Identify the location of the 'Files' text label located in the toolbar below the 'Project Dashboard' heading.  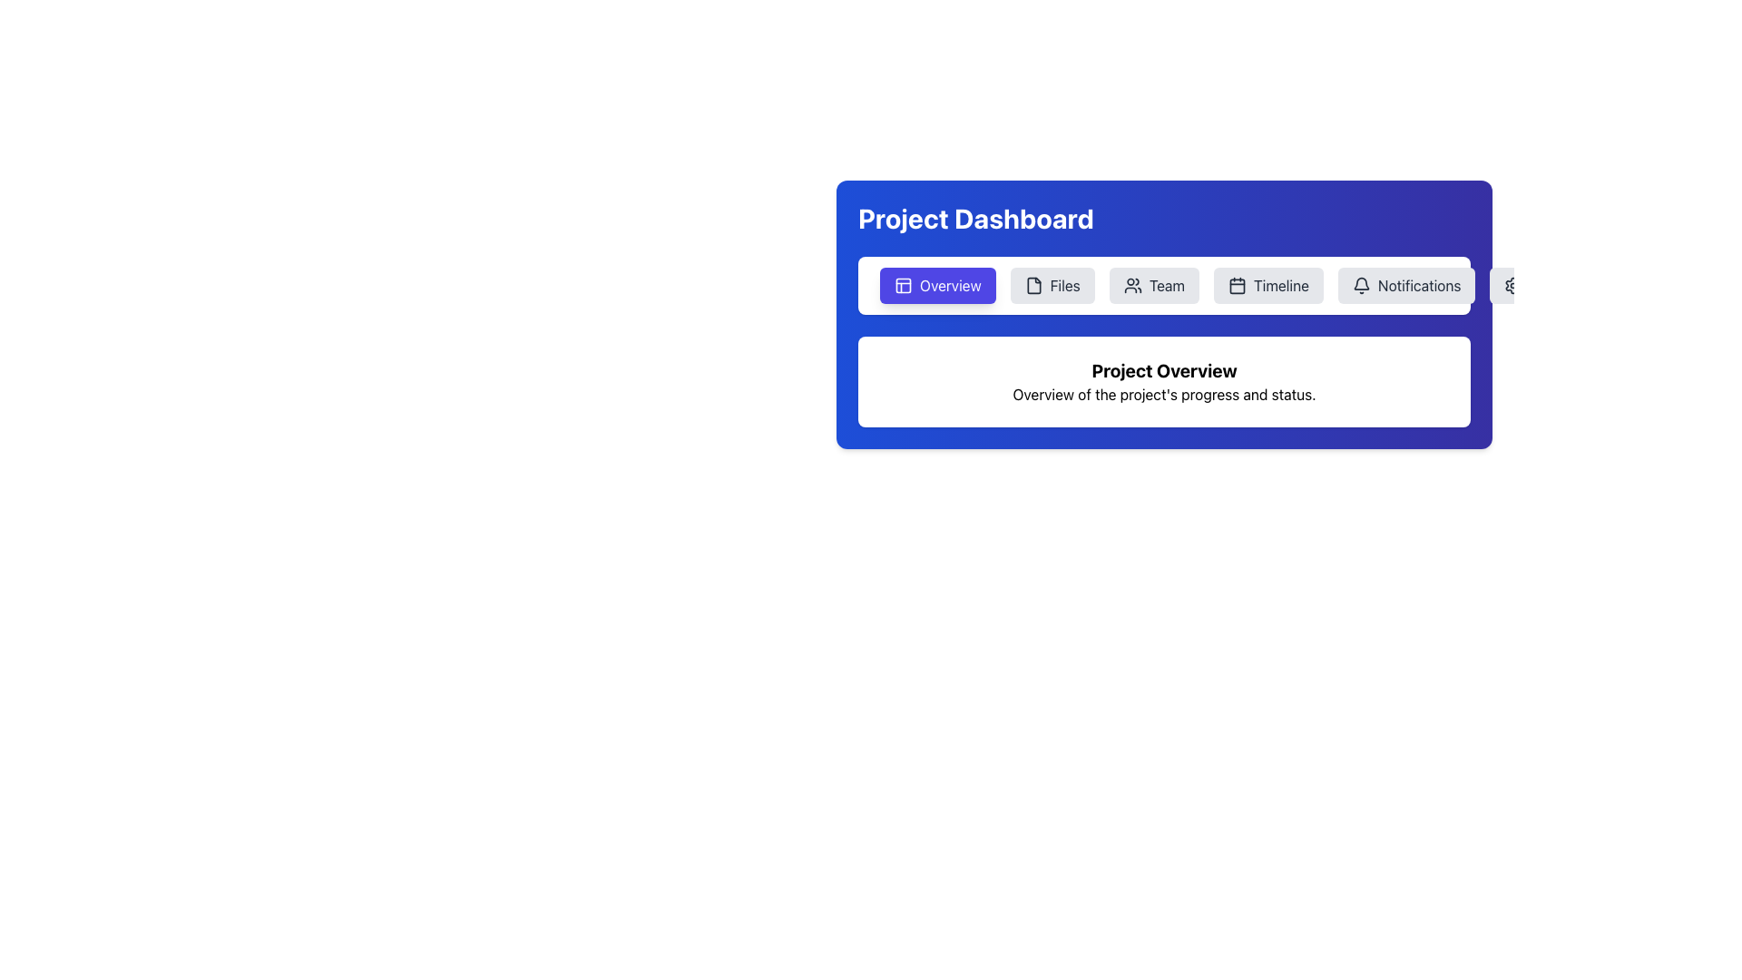
(1065, 286).